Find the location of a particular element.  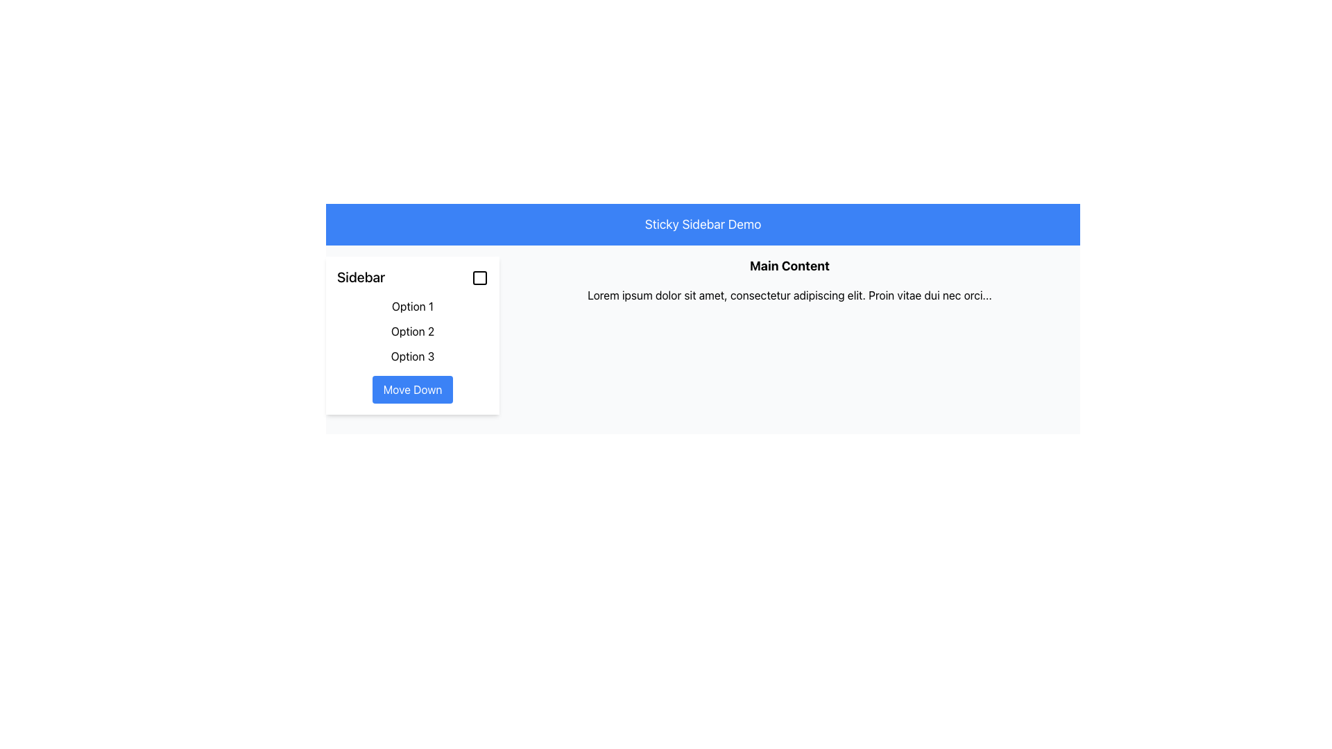

the decorative marker in the upper-right corner of the sidebar to trigger the tooltip is located at coordinates (479, 277).